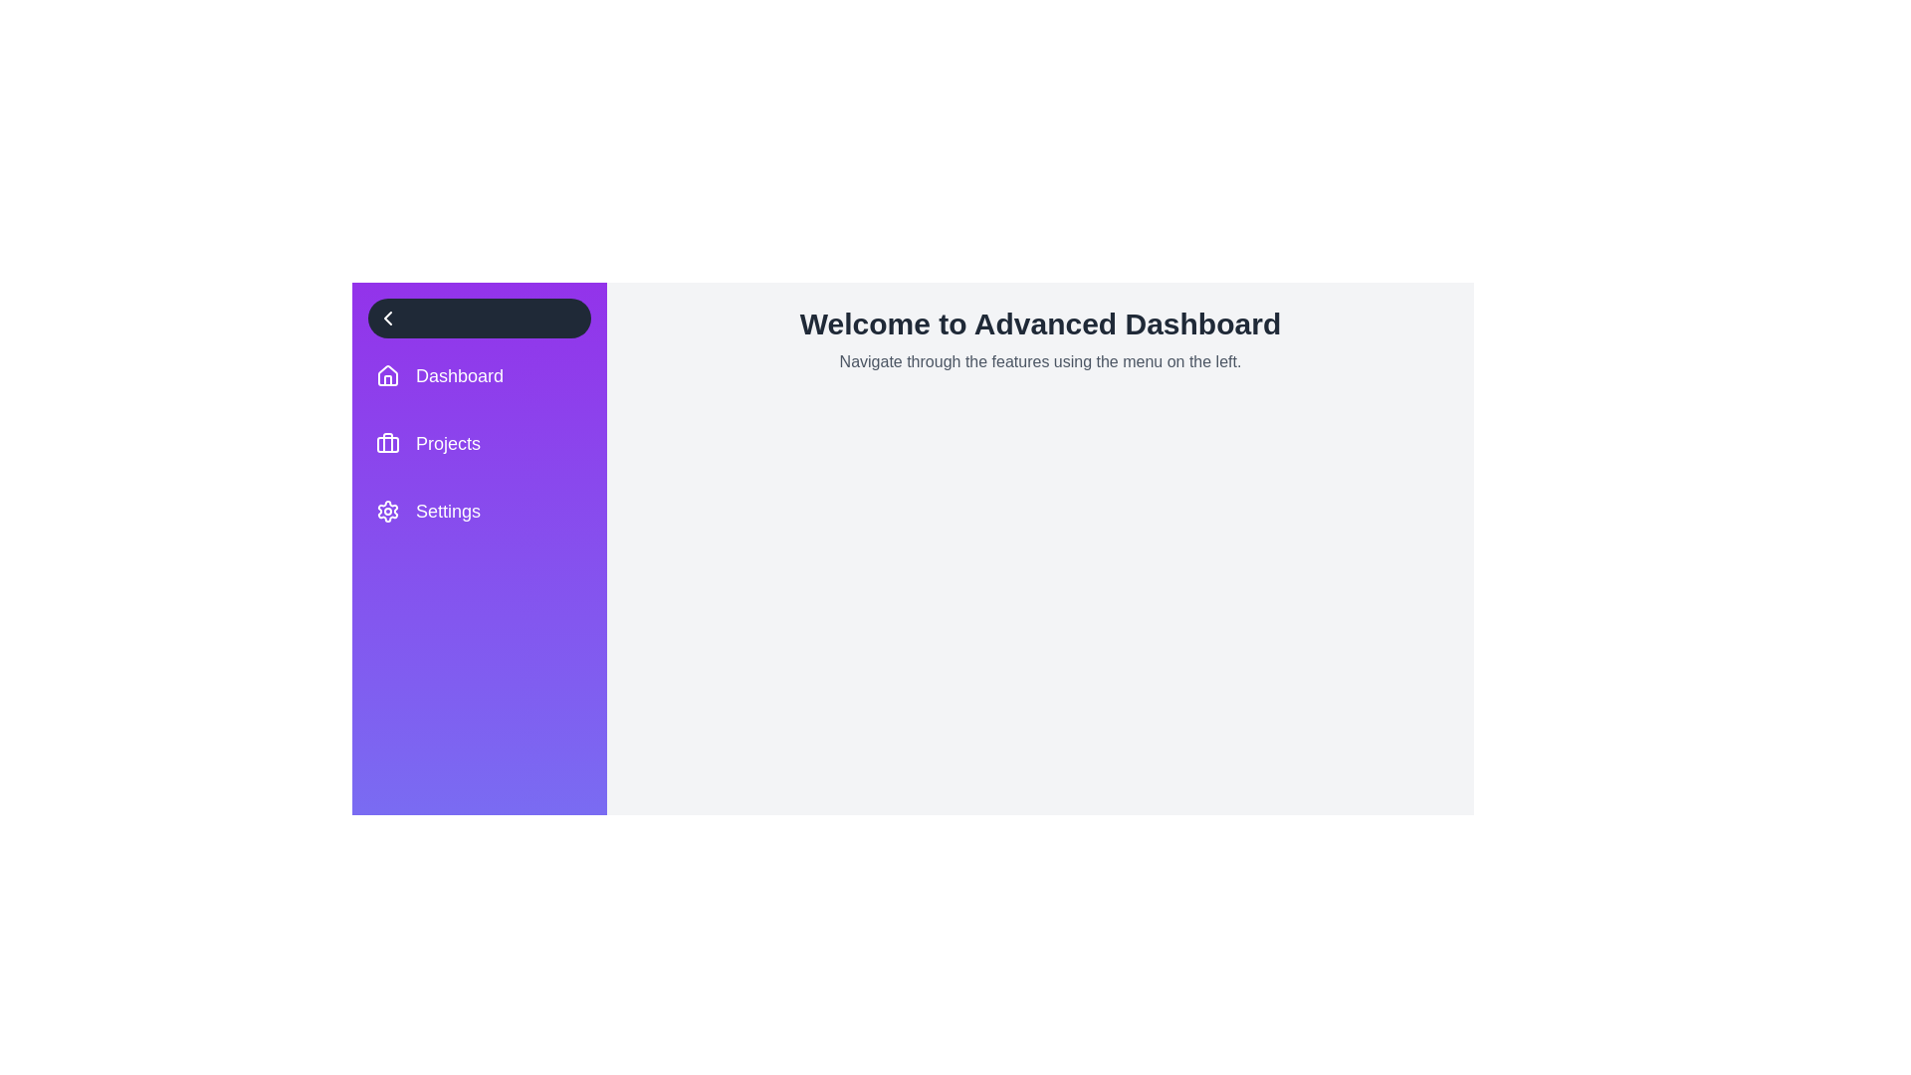 The width and height of the screenshot is (1911, 1075). I want to click on the drawer toggle button to toggle the drawer open/close state, so click(479, 318).